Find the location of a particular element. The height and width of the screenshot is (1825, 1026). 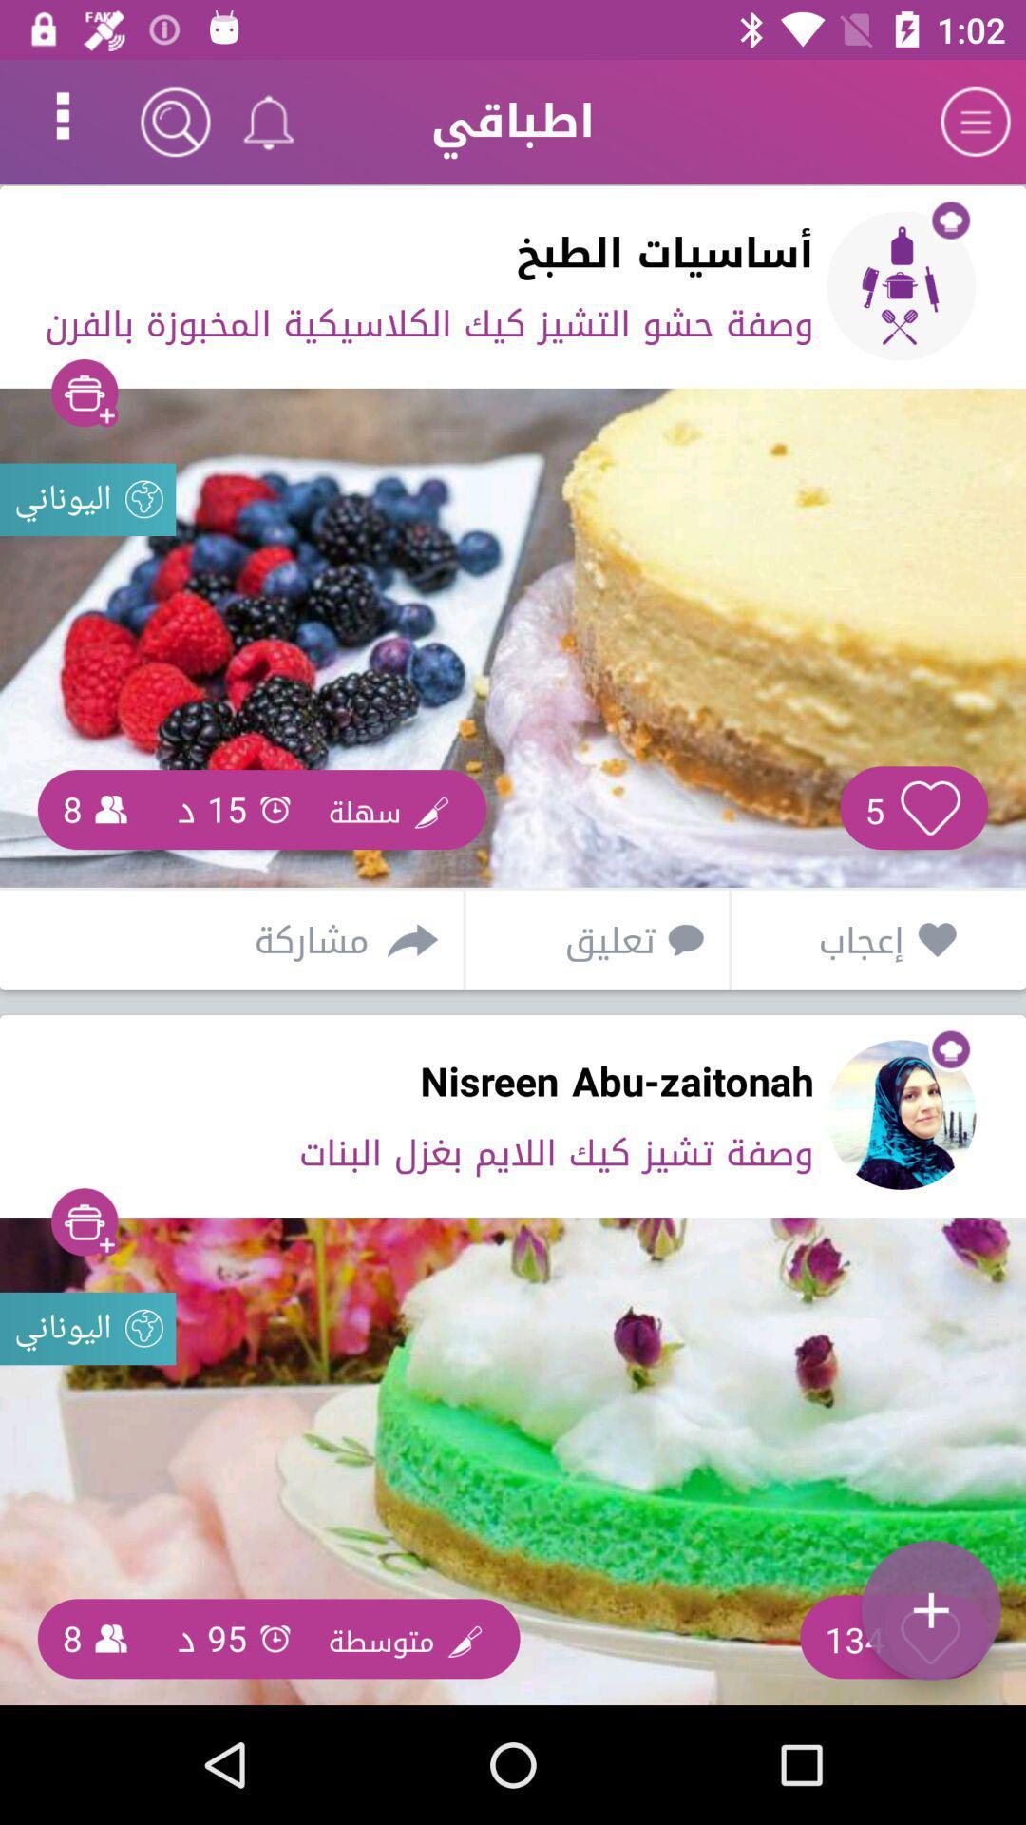

the more icon is located at coordinates (62, 121).